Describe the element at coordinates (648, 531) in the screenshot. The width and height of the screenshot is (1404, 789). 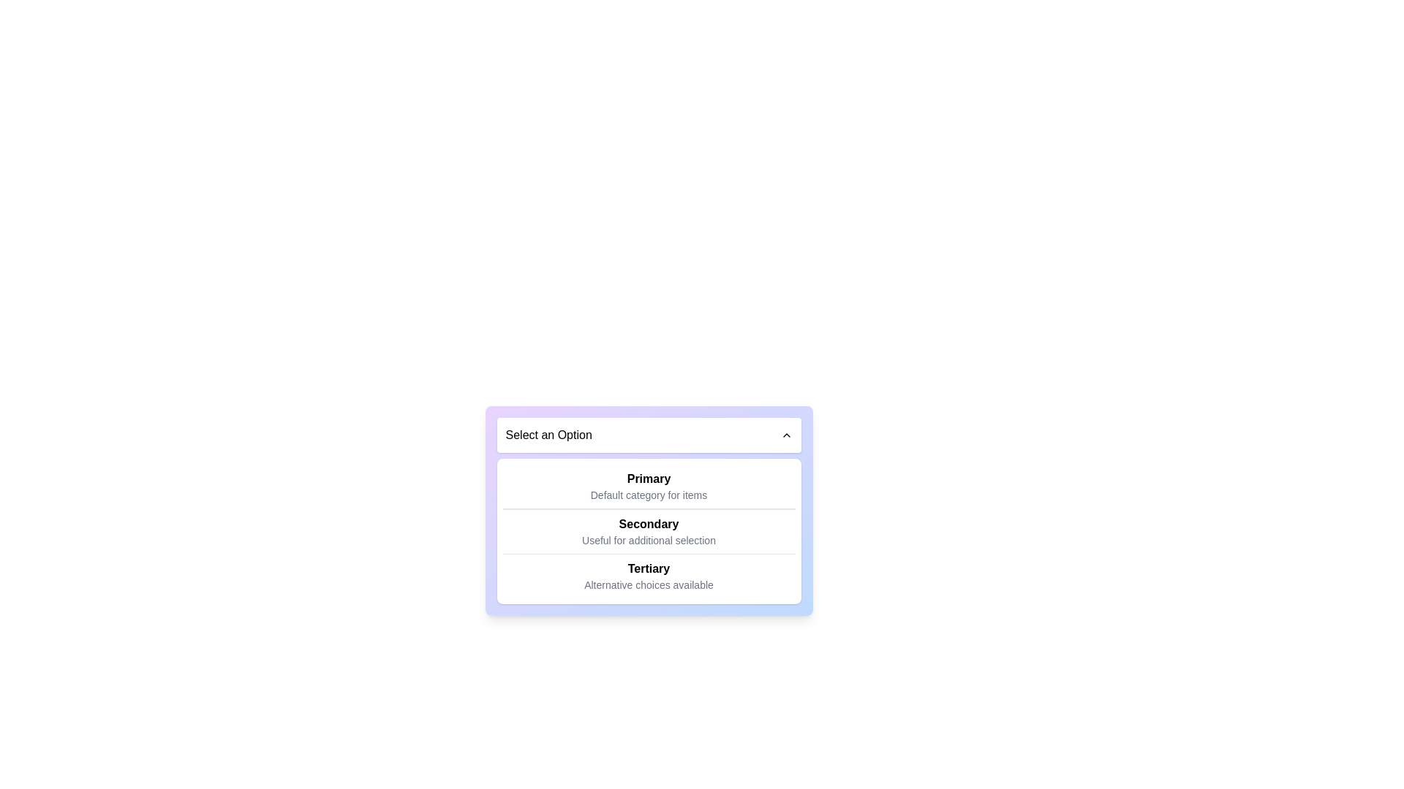
I see `the second option in the dropdown menu, titled 'Secondary'` at that location.